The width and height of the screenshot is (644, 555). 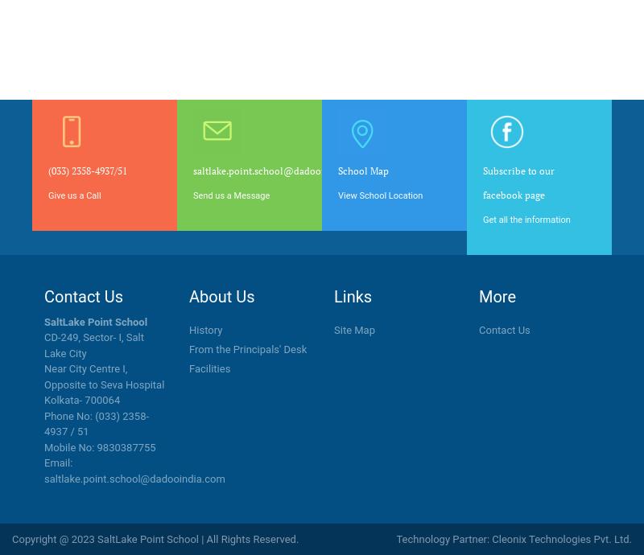 What do you see at coordinates (43, 376) in the screenshot?
I see `'Near City Centre I, Opposite to Seva Hospital'` at bounding box center [43, 376].